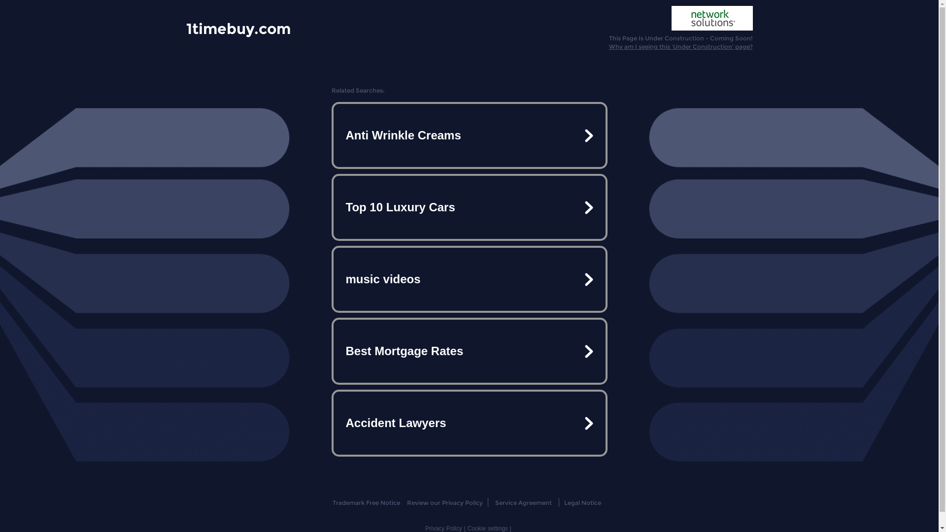  I want to click on 'Trademark Free Notice', so click(366, 502).